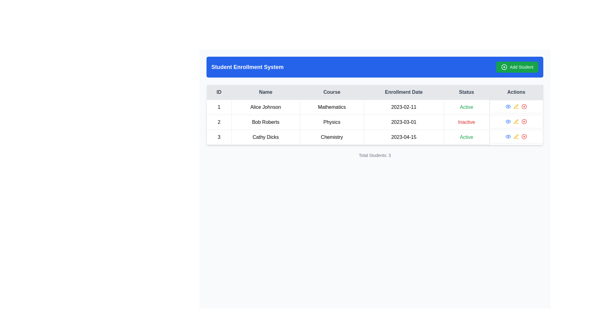  Describe the element at coordinates (524, 106) in the screenshot. I see `the circular red-bordered button with a cross icon in the 'Actions' column of the third row in the table` at that location.